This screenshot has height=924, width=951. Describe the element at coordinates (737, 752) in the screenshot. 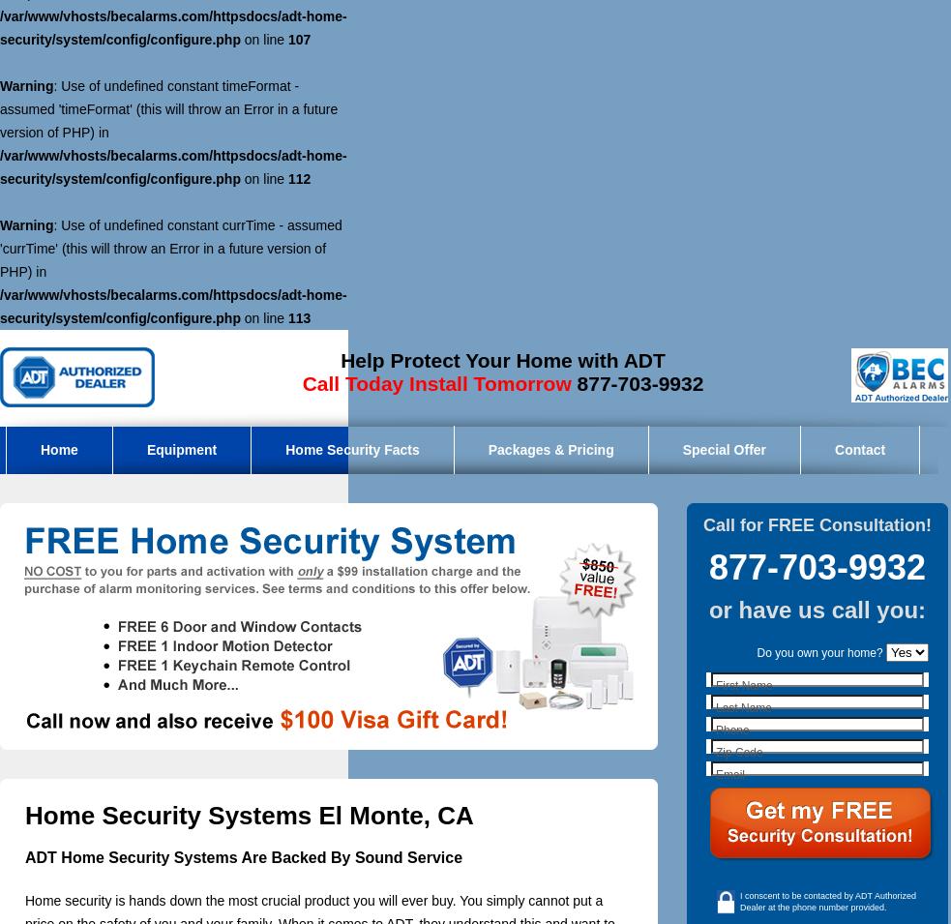

I see `'Zip Code'` at that location.